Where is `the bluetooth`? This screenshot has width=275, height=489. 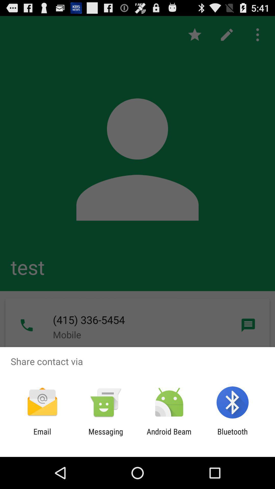
the bluetooth is located at coordinates (232, 436).